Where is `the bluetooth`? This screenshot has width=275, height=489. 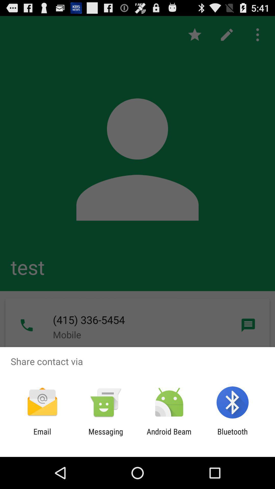
the bluetooth is located at coordinates (232, 436).